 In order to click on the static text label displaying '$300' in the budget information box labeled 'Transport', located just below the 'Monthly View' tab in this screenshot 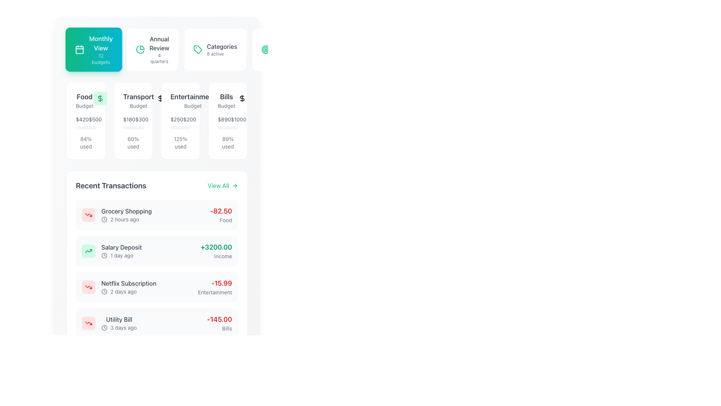, I will do `click(142, 119)`.